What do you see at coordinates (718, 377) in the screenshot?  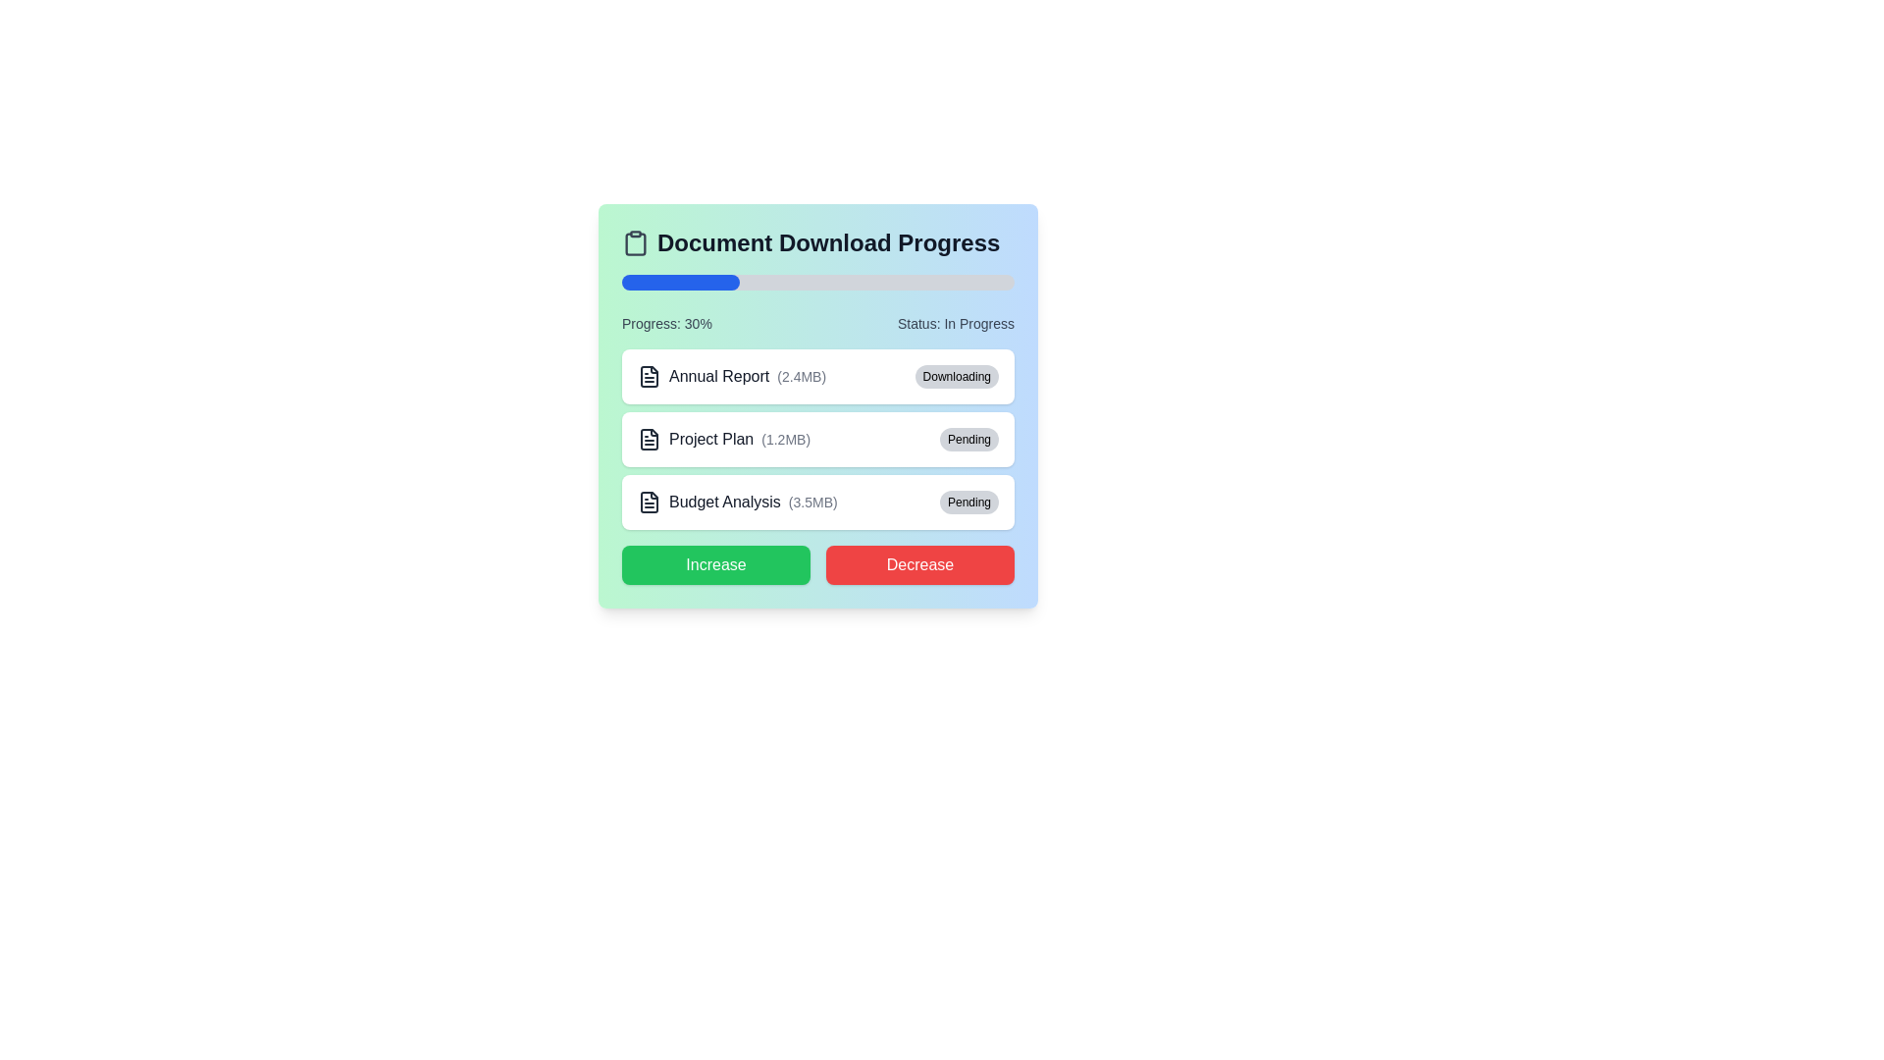 I see `the text label displaying 'Annual Report', which is styled with the class 'text-gray-900' and is located in the 'Document Download Progress' panel, positioned between a file icon and the file size '(2.4MB)'` at bounding box center [718, 377].